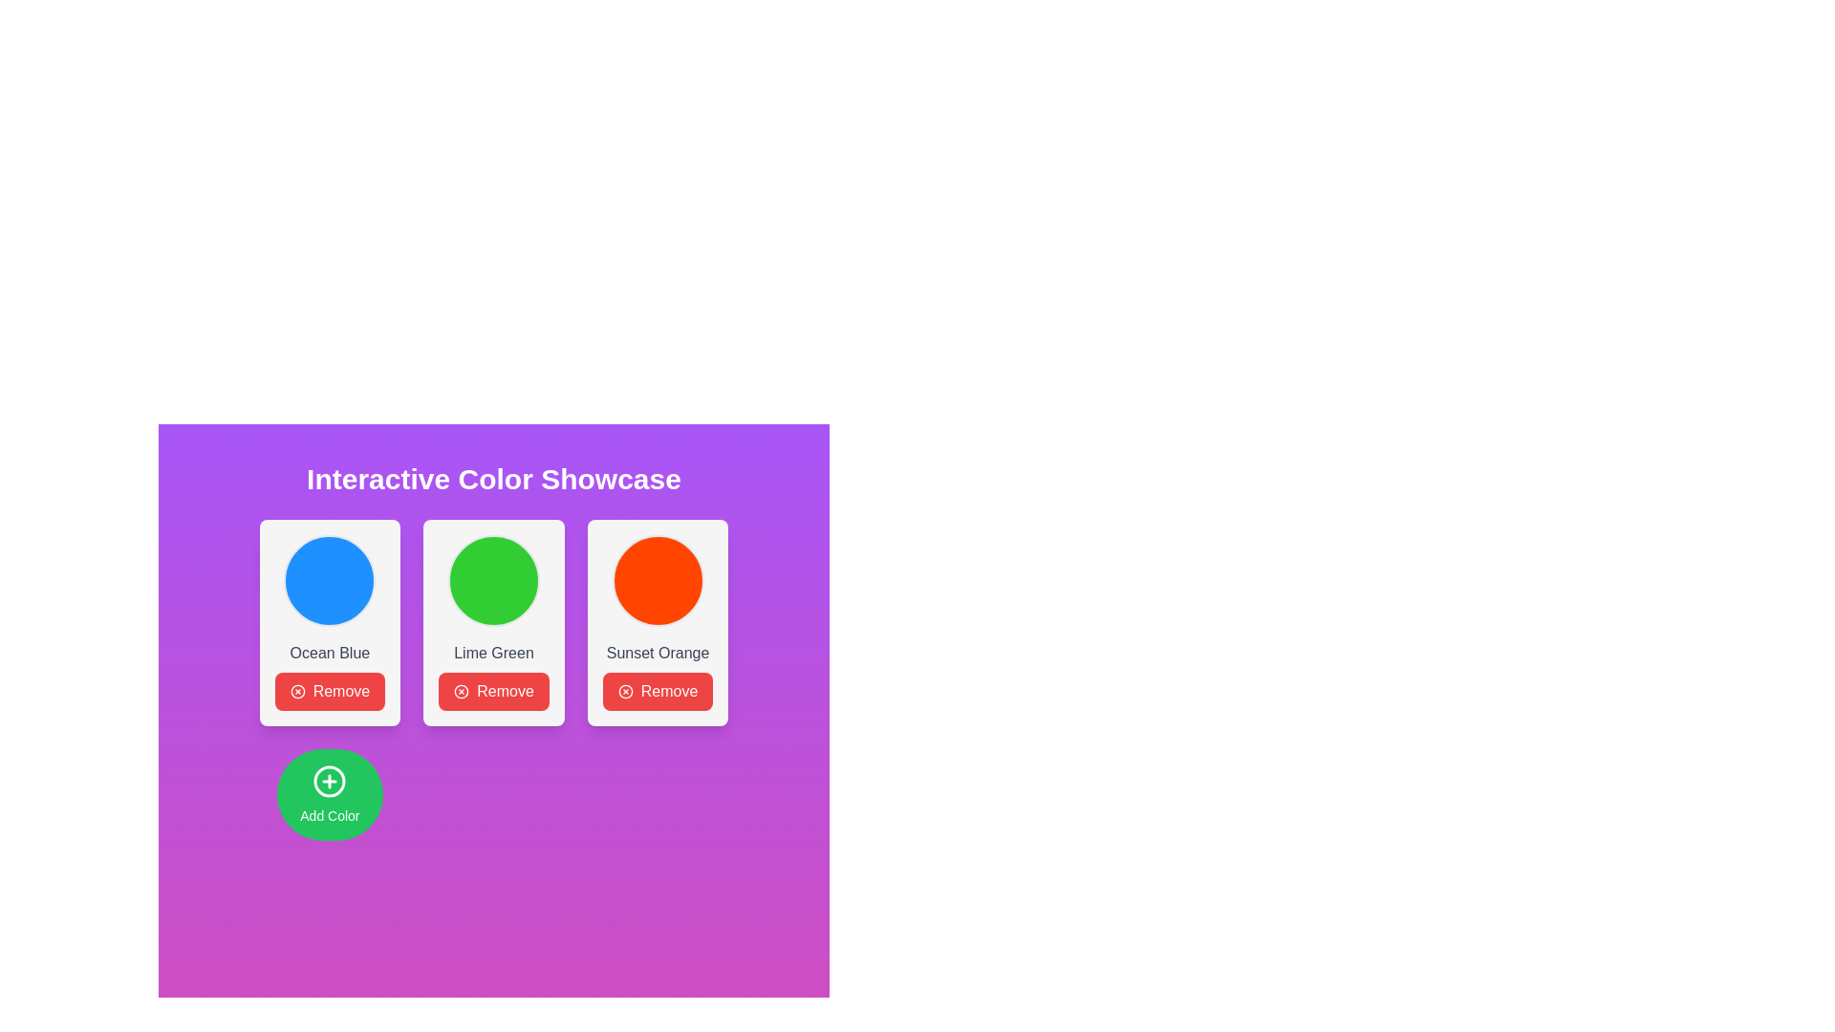 This screenshot has width=1835, height=1032. What do you see at coordinates (330, 692) in the screenshot?
I see `the leftmost red button labeled 'Remove' with a small white 'X' icon` at bounding box center [330, 692].